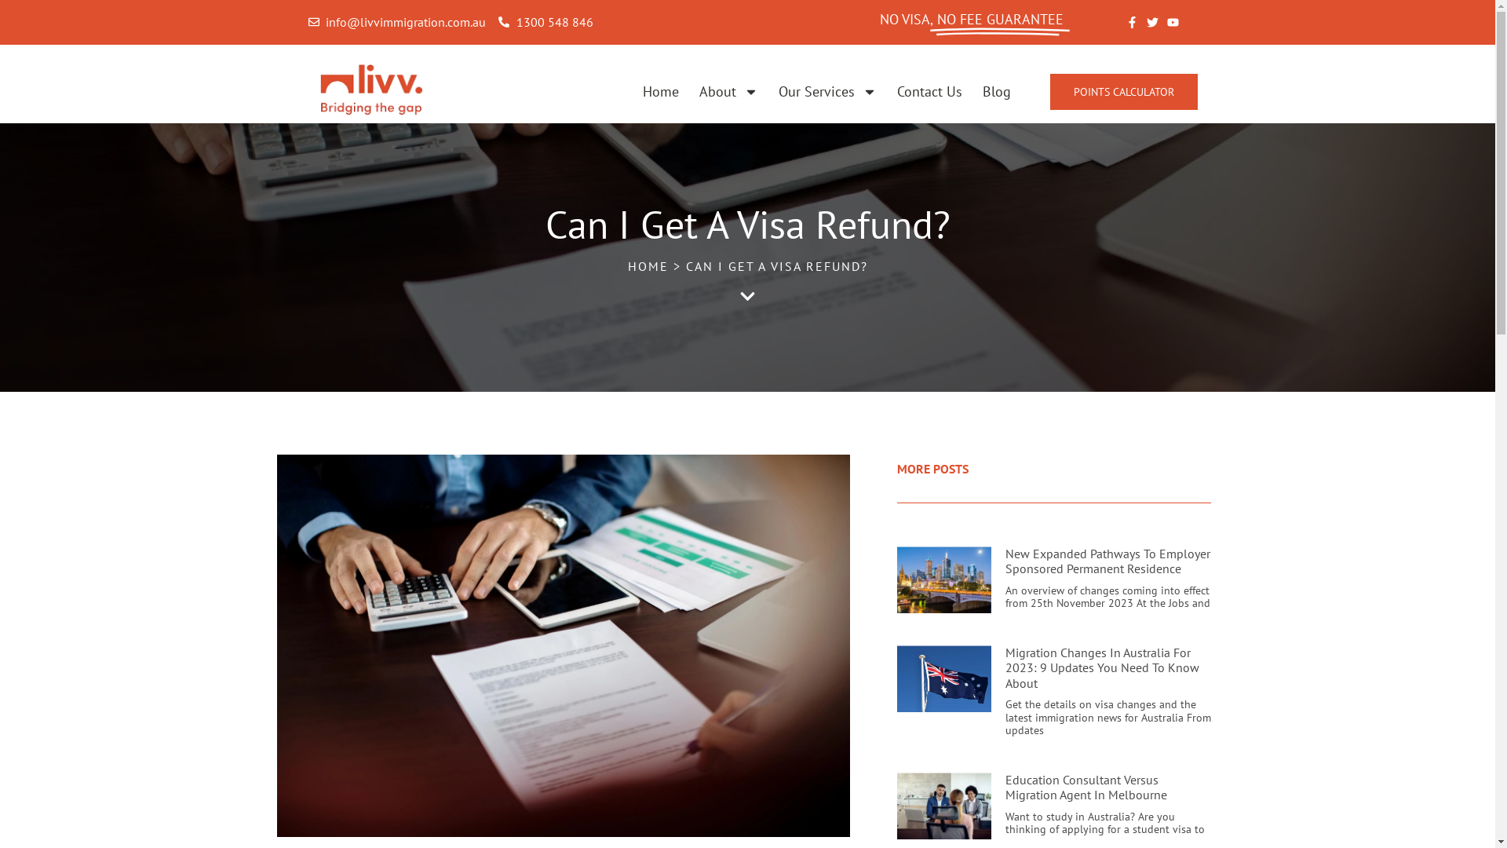  What do you see at coordinates (396, 23) in the screenshot?
I see `'info@livvimmigration.com.au'` at bounding box center [396, 23].